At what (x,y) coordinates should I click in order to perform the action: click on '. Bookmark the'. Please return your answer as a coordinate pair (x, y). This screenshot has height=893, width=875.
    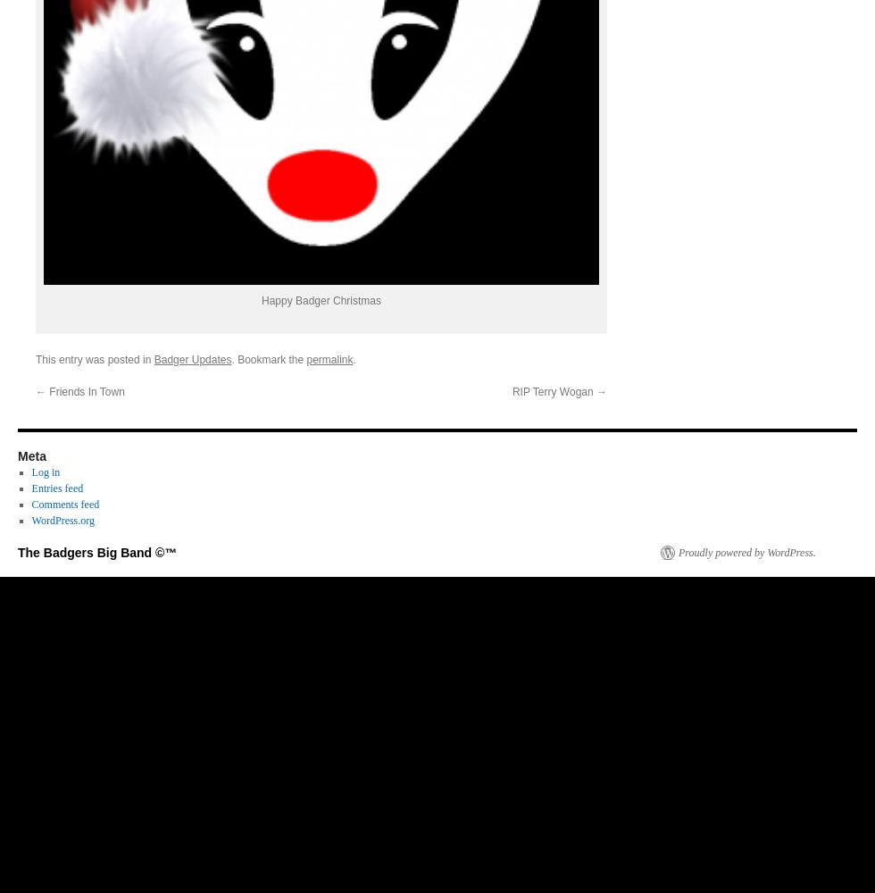
    Looking at the image, I should click on (268, 359).